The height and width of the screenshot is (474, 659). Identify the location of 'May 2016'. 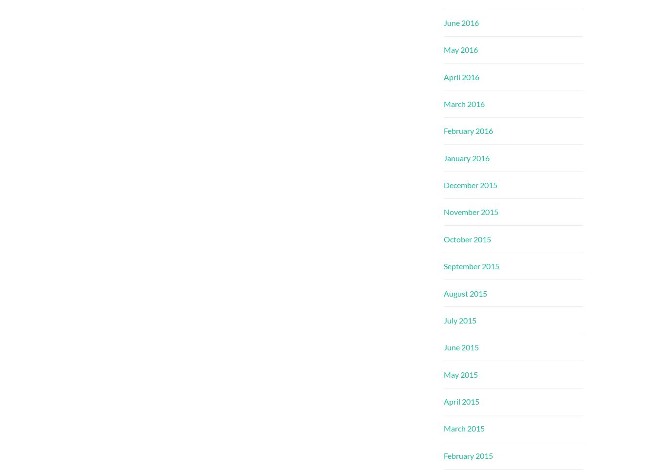
(460, 49).